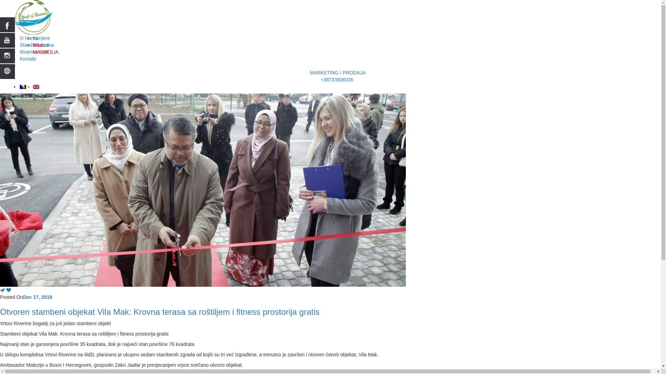 The height and width of the screenshot is (374, 666). I want to click on 'Dec 17, 2019', so click(37, 296).